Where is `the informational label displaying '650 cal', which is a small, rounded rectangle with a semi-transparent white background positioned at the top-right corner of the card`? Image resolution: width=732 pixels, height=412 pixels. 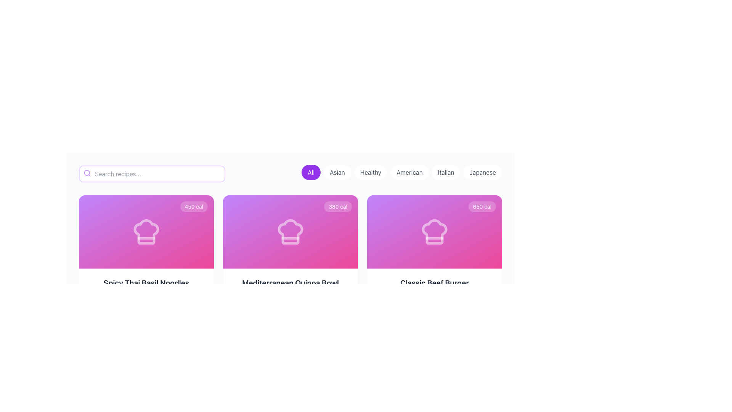
the informational label displaying '650 cal', which is a small, rounded rectangle with a semi-transparent white background positioned at the top-right corner of the card is located at coordinates (482, 207).